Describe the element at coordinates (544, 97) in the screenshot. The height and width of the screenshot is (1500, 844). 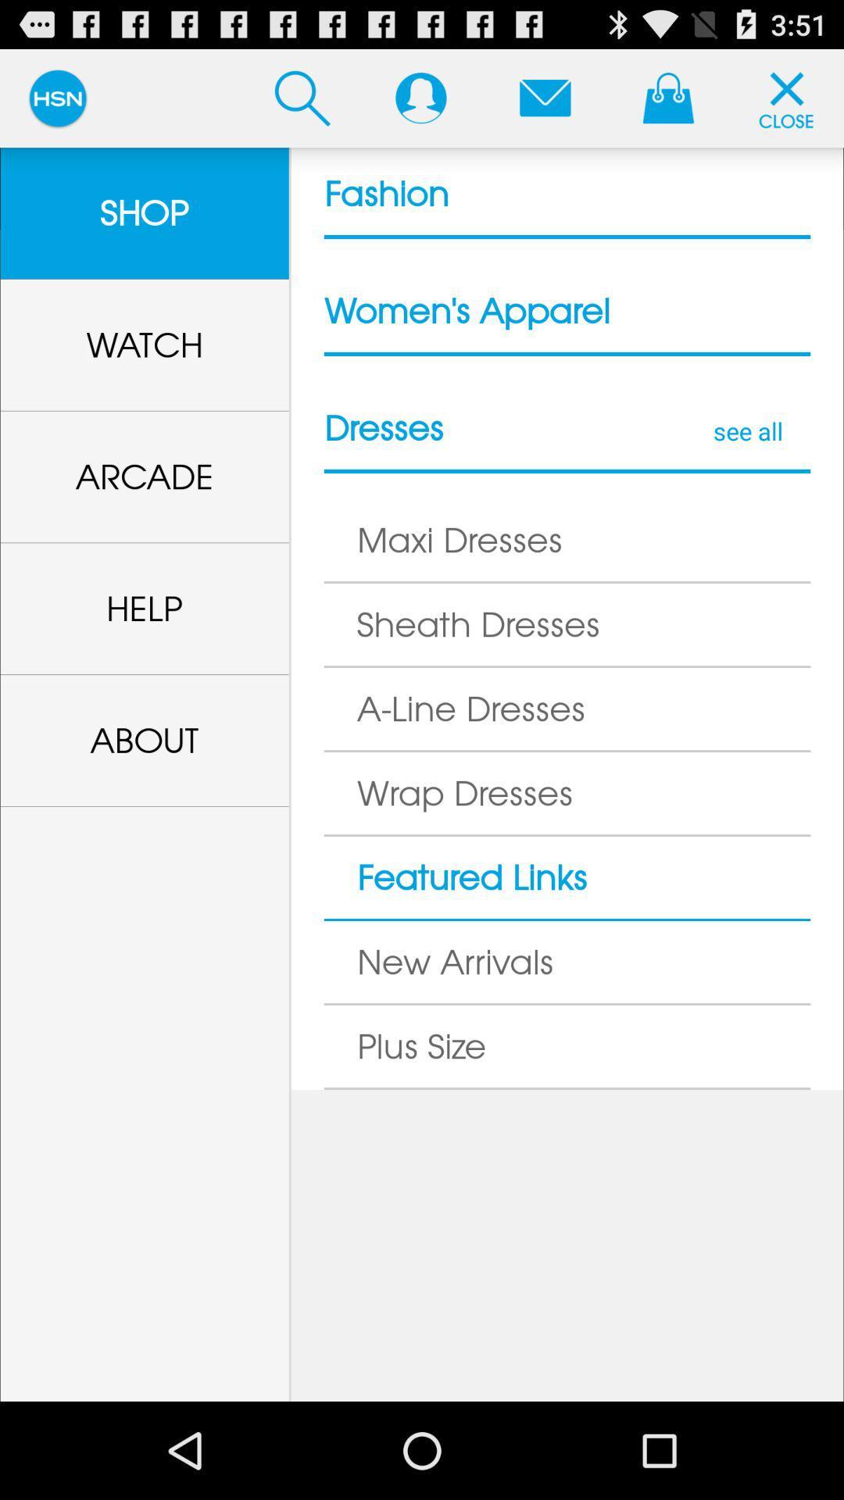
I see `nova mensagem` at that location.